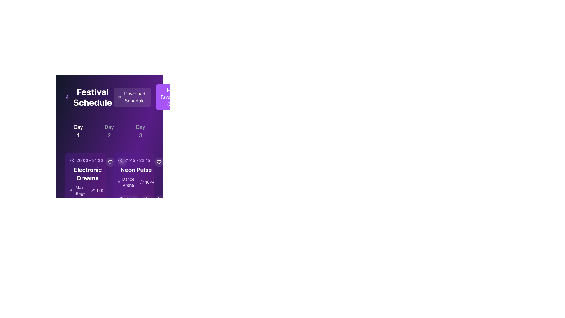  What do you see at coordinates (128, 199) in the screenshot?
I see `the first pill-shaped button in the horizontal group at the bottom of the 'Neon Pulse' card` at bounding box center [128, 199].